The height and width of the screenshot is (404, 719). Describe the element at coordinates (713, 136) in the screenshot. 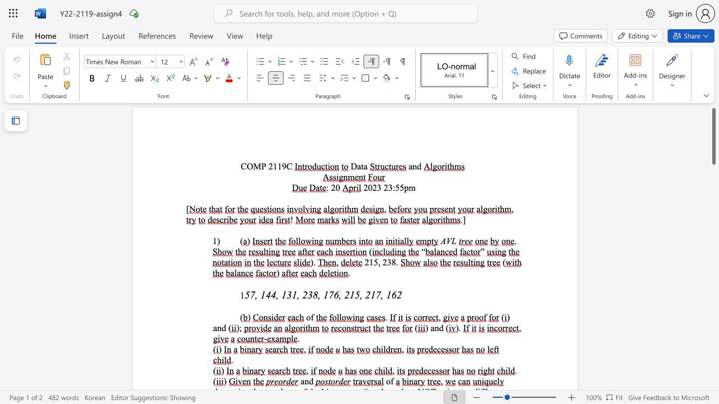

I see `the scrollbar and move down 30 pixels` at that location.